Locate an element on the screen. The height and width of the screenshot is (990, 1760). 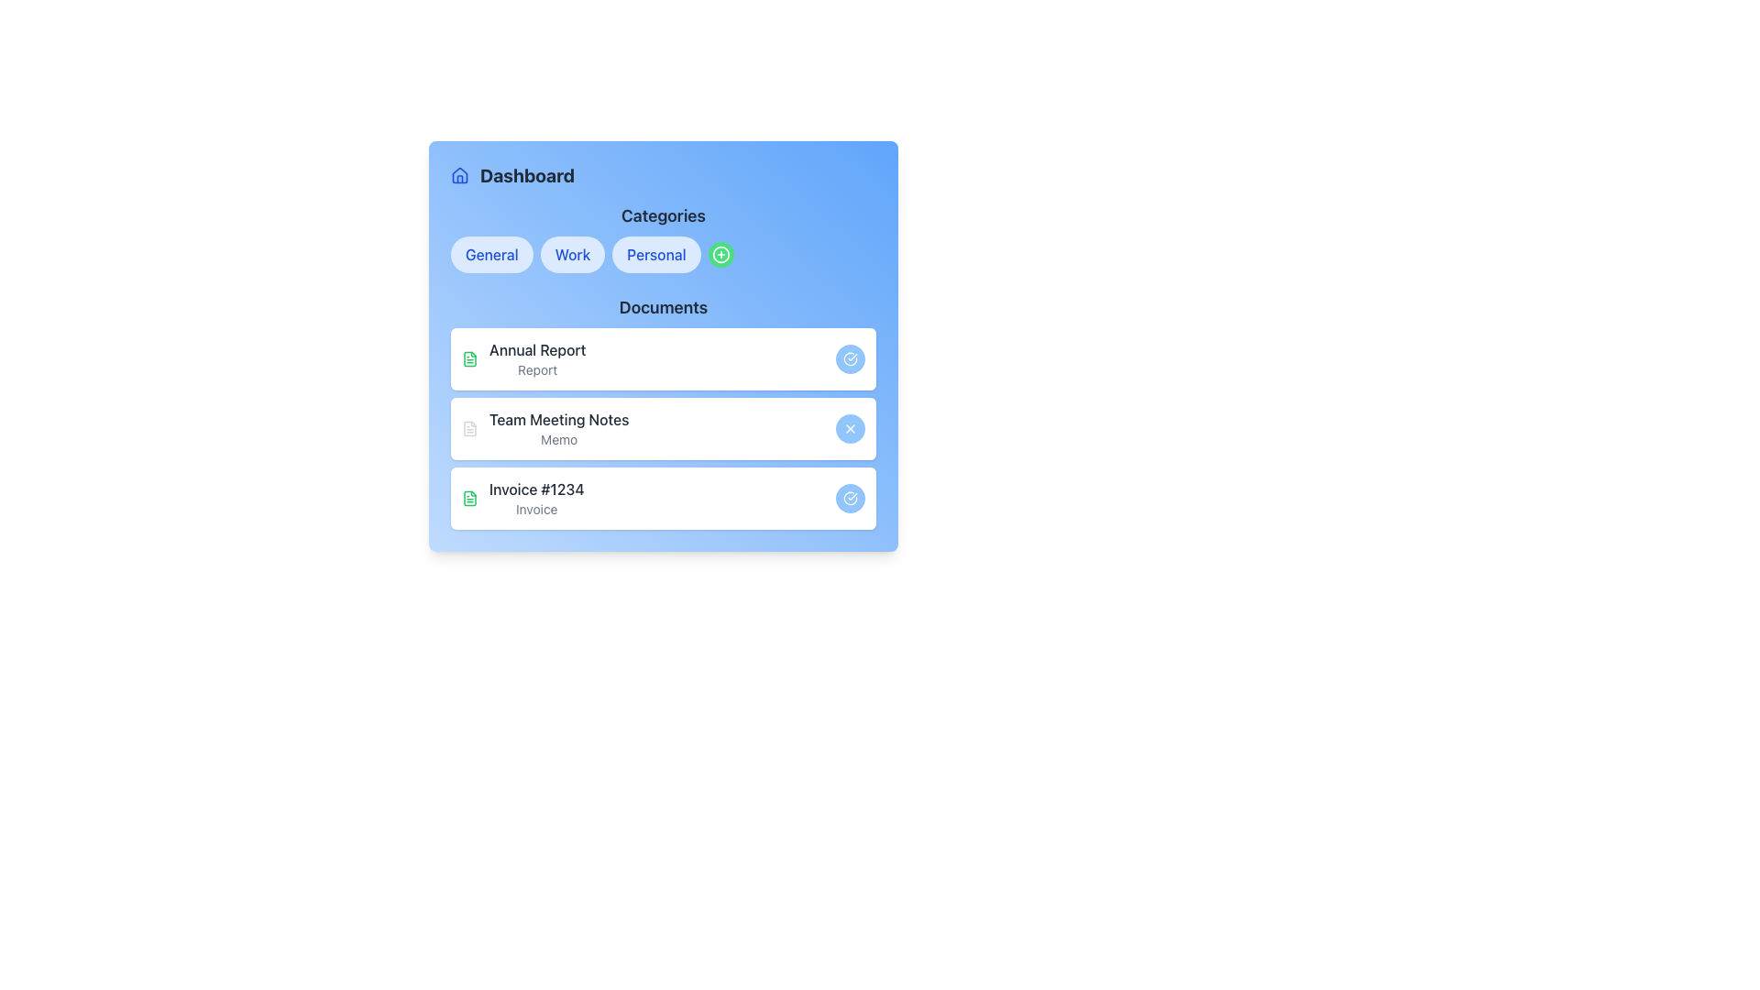
the close button on the document entry titled 'Team Meeting Notes' under the 'Documents' section is located at coordinates (663, 412).